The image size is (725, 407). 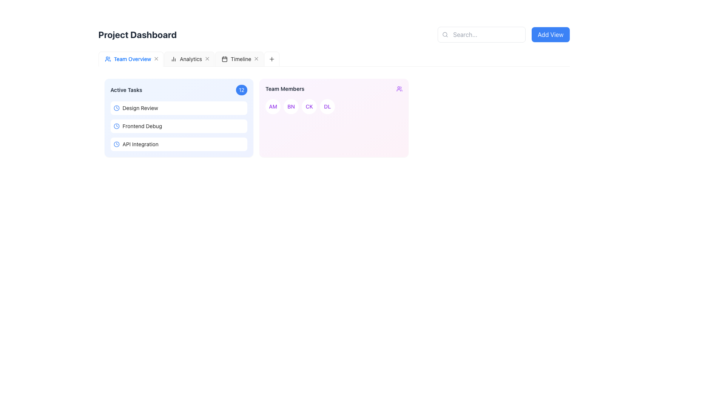 I want to click on the button located in the 'Team Overview' tab, so click(x=156, y=59).